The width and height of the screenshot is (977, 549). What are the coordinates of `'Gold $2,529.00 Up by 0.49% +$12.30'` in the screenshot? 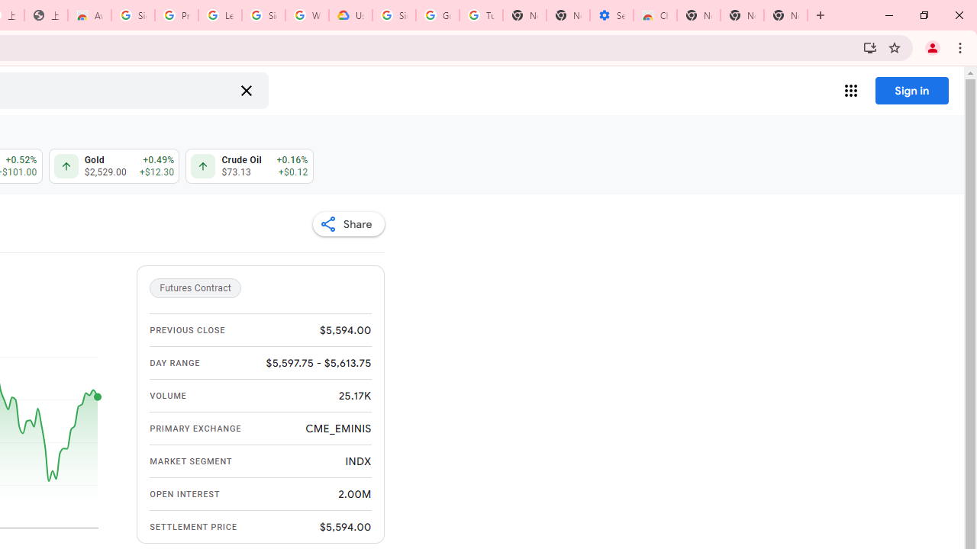 It's located at (113, 166).